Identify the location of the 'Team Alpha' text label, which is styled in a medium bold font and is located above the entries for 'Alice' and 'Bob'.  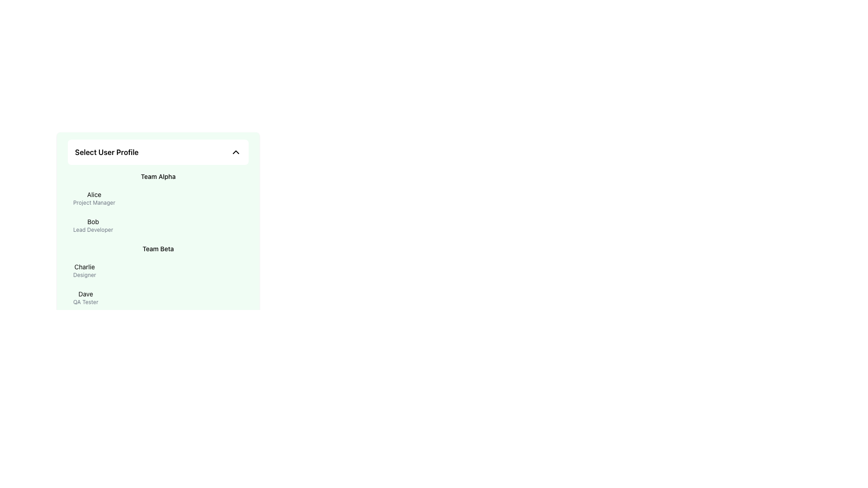
(158, 176).